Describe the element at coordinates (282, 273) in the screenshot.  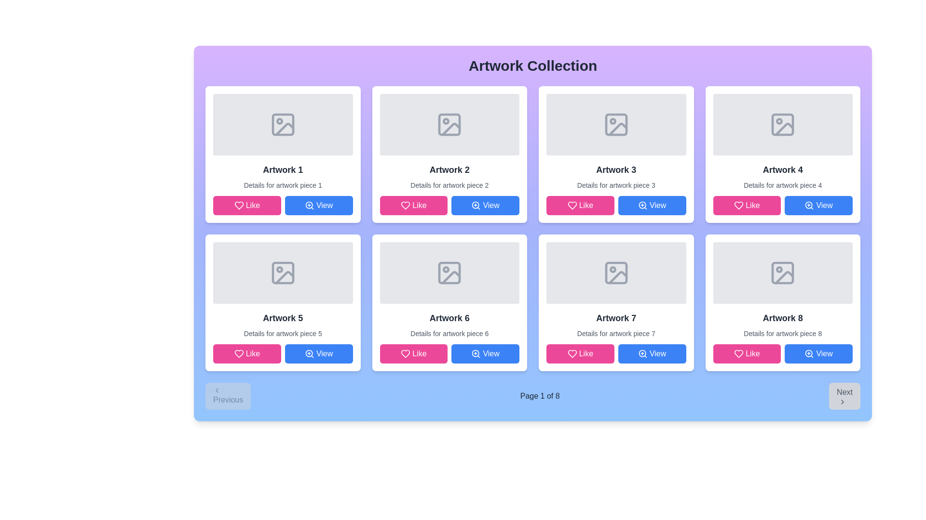
I see `the image placeholder located within the card labeled 'Artwork 5', which is situated in the bottom-left quadrant of the 2x4 grid layout, positioned above the text 'Artwork 5' and 'Details for artwork piece 5'` at that location.